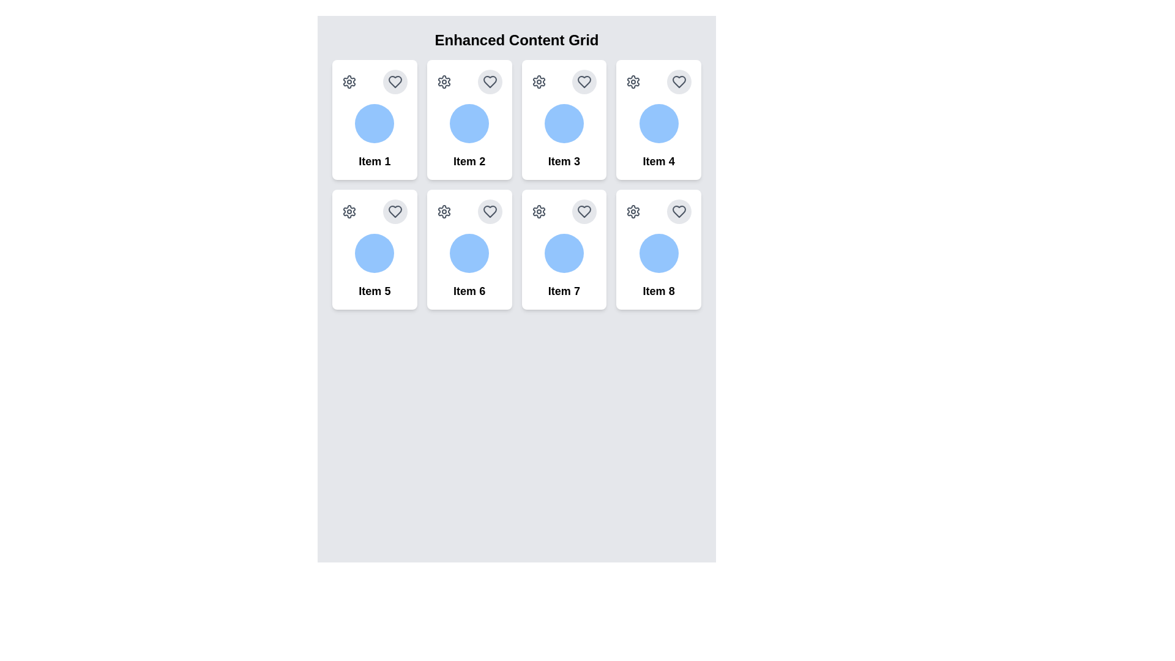  I want to click on the heart-shaped icon button located in the upper right corner of the card labeled 'Item 3' to favorite the item, so click(584, 82).